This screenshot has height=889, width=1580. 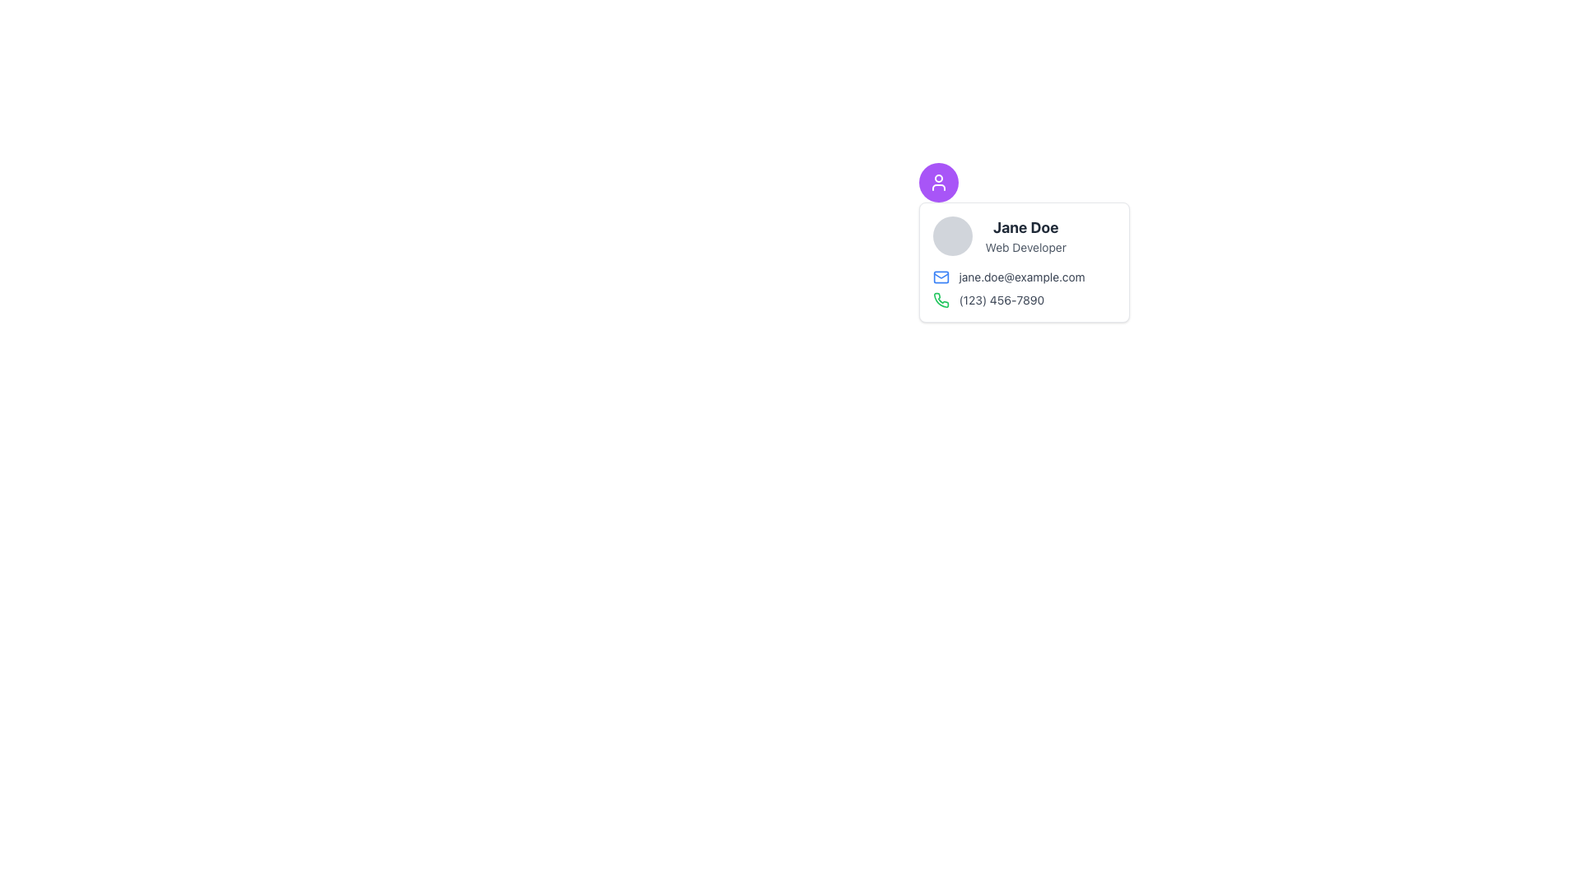 What do you see at coordinates (1023, 300) in the screenshot?
I see `the phone number text segment displayed beneath the email address entry in the user contact card` at bounding box center [1023, 300].